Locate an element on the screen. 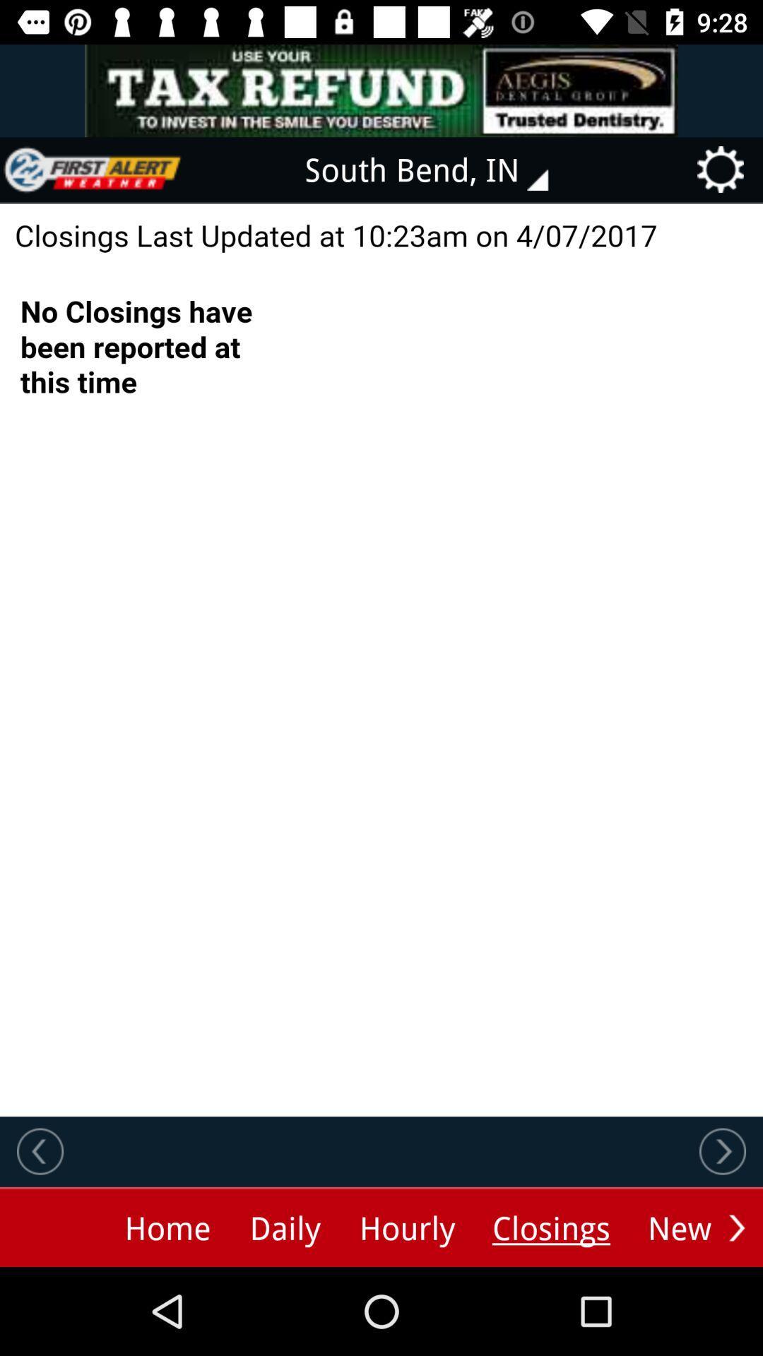 Image resolution: width=763 pixels, height=1356 pixels. aegis dental group banner advertisement is located at coordinates (381, 90).